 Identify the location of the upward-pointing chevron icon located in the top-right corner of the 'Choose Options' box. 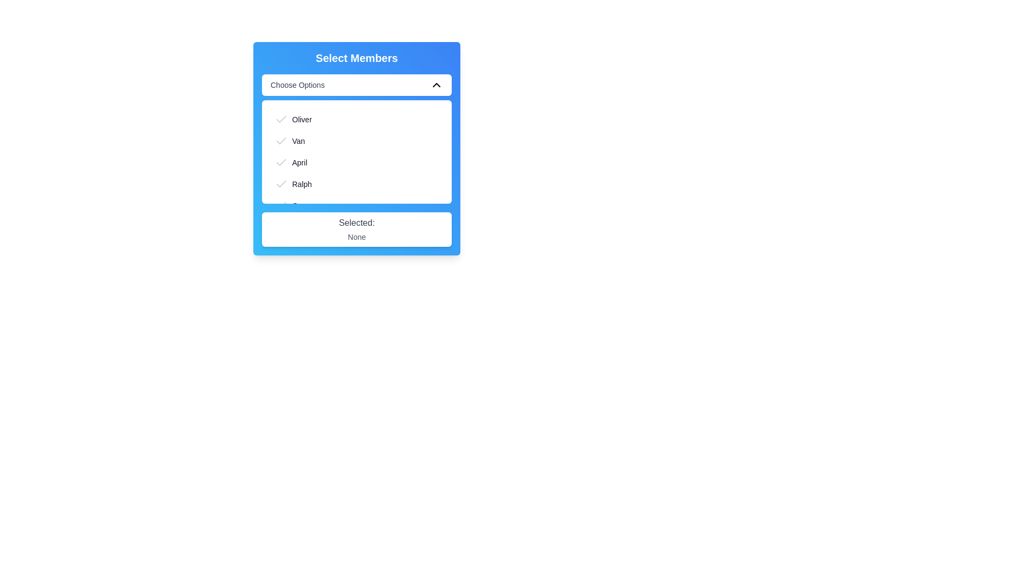
(437, 85).